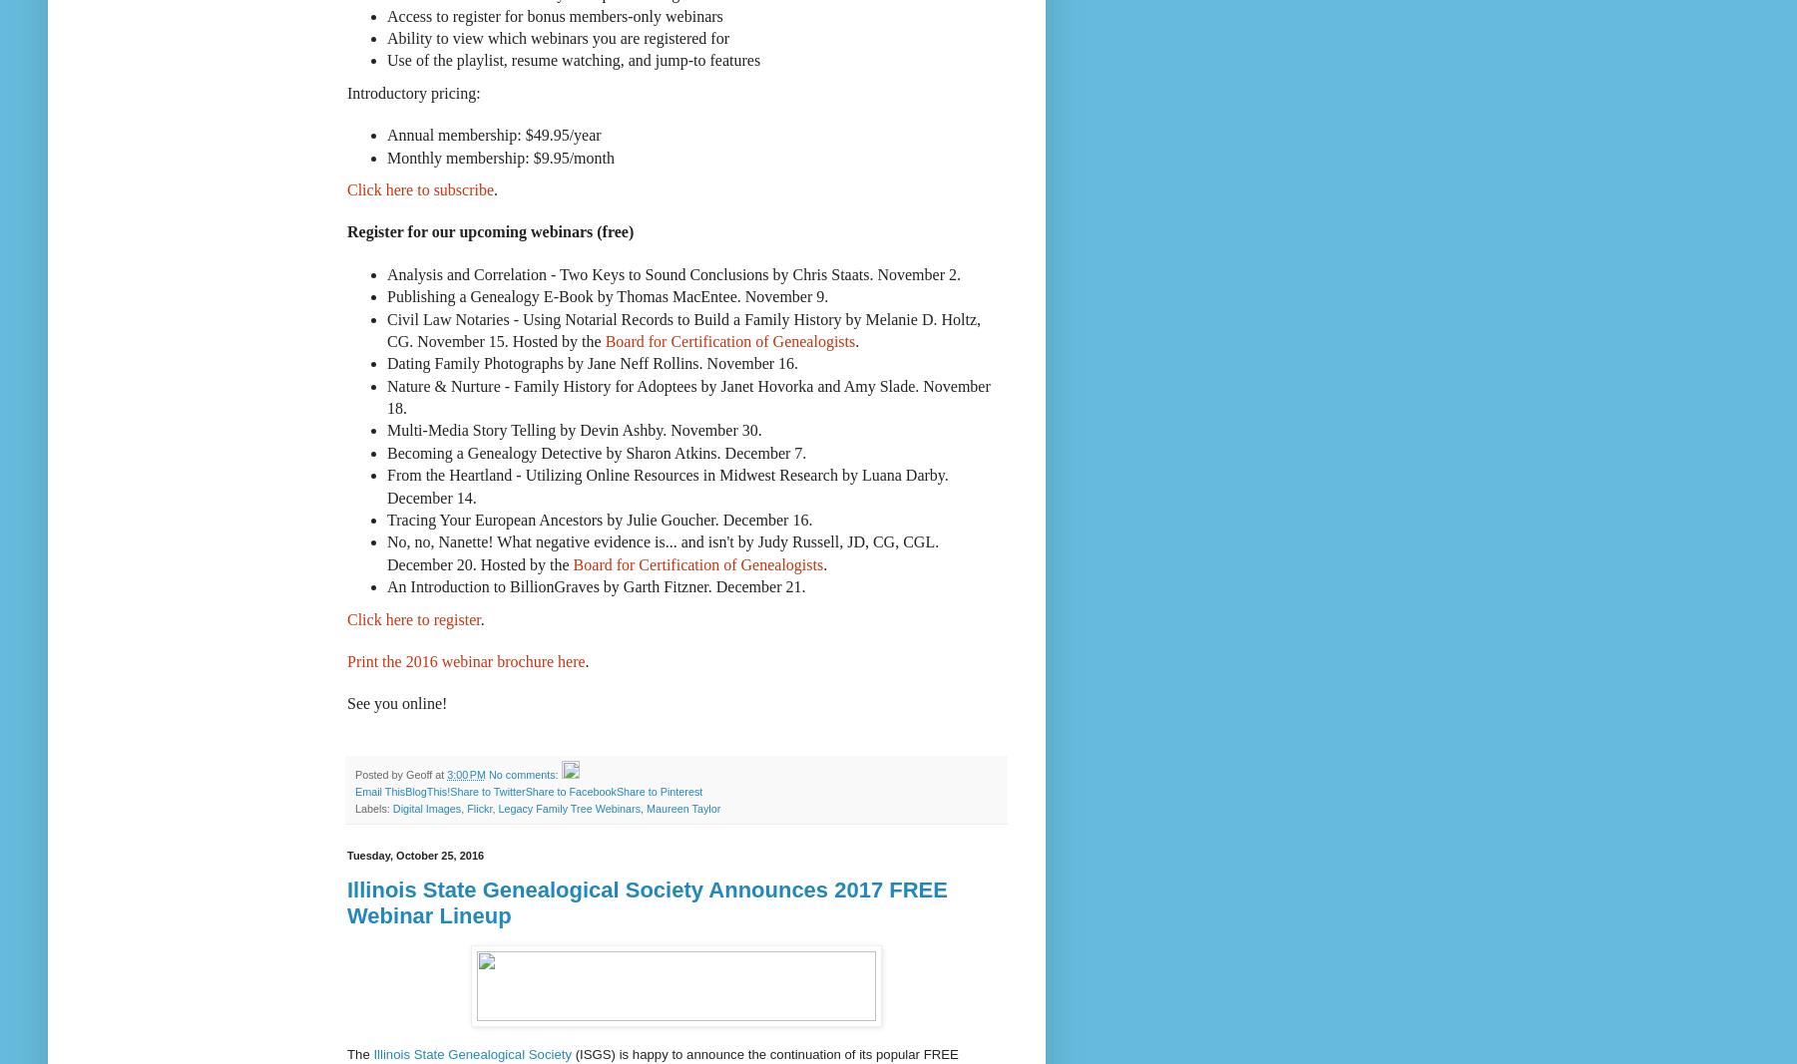  Describe the element at coordinates (386, 156) in the screenshot. I see `'Monthly membership: $9.95/month'` at that location.